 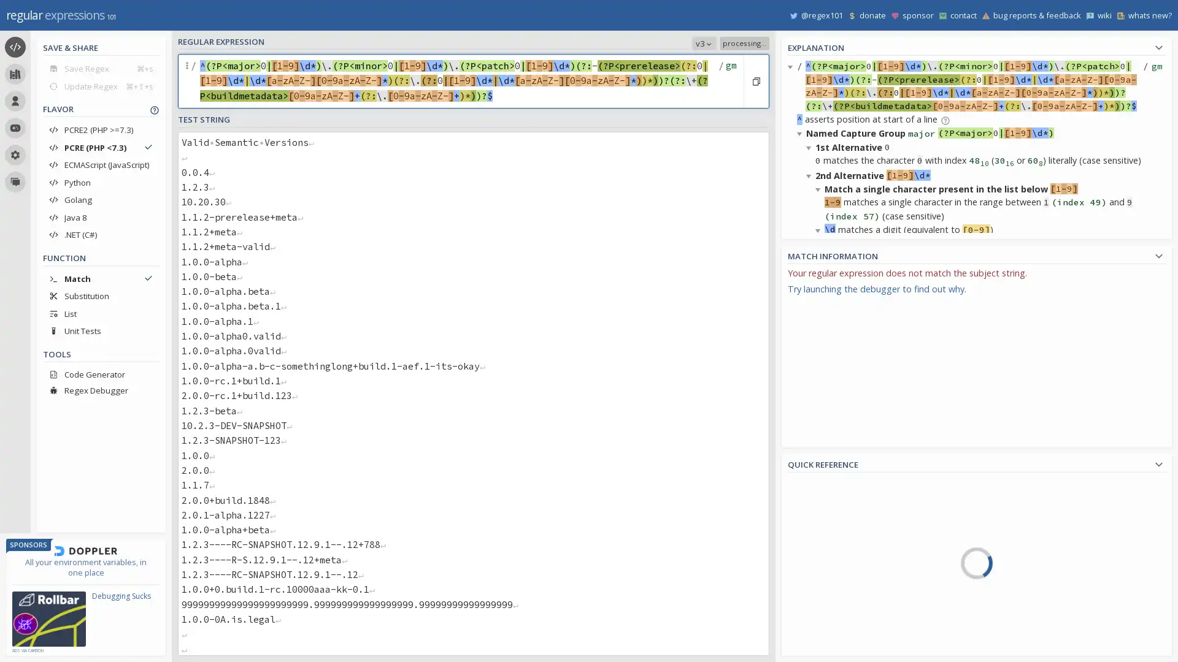 What do you see at coordinates (842, 604) in the screenshot?
I see `Group major` at bounding box center [842, 604].